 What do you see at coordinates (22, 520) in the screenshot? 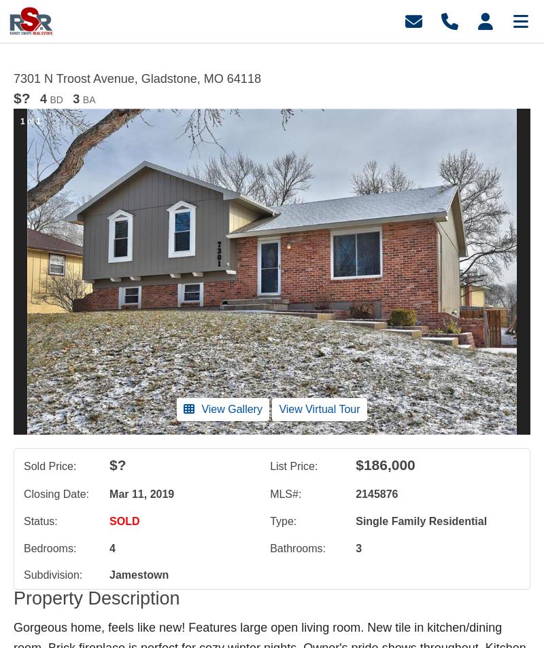
I see `'Status'` at bounding box center [22, 520].